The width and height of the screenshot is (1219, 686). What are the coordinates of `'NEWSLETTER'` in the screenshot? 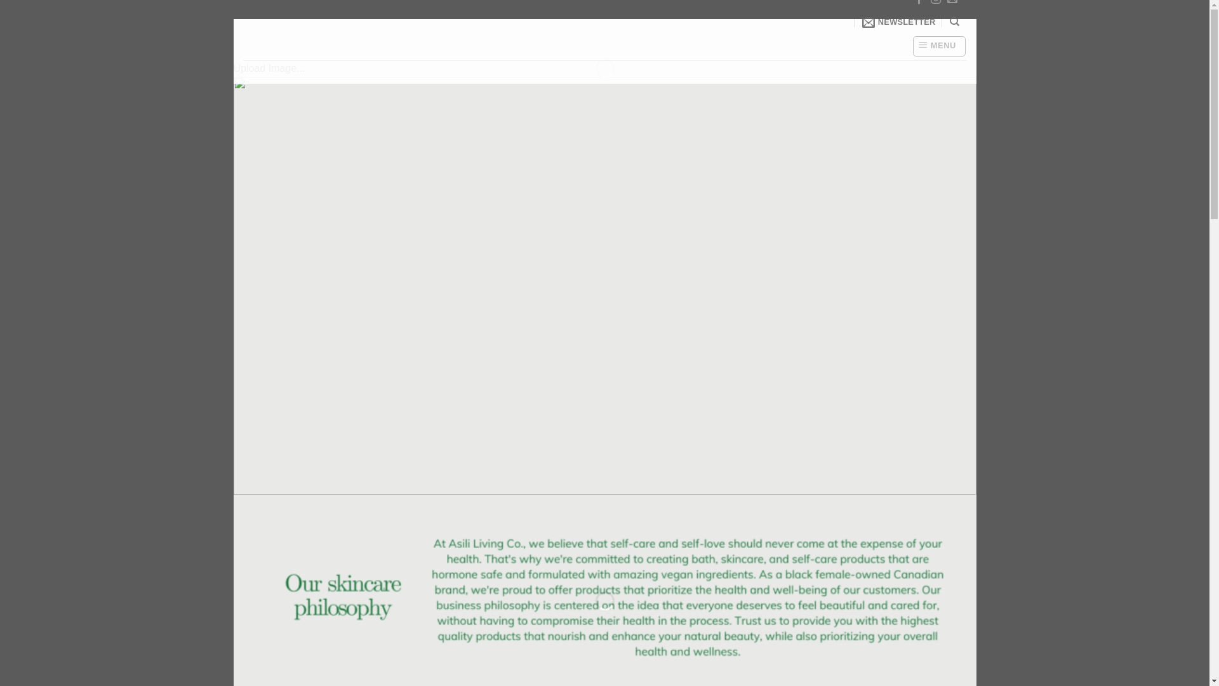 It's located at (898, 22).